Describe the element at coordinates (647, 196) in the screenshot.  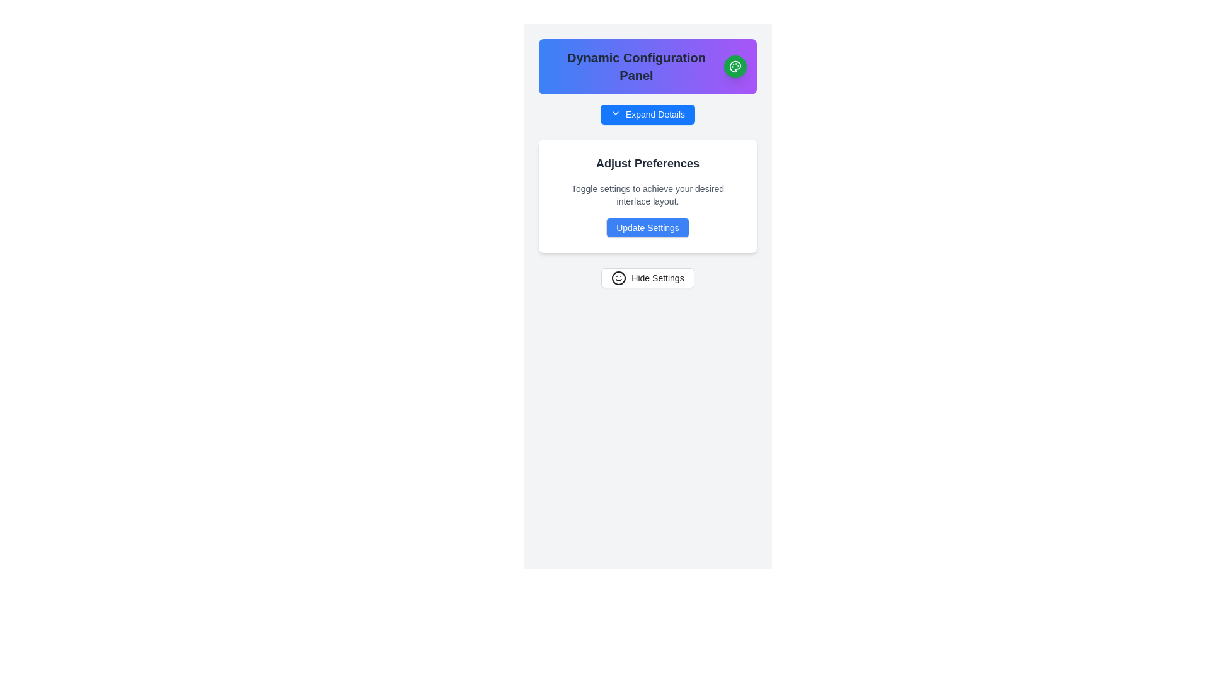
I see `title 'Adjust Preferences' and the description 'Toggle settings to achieve your desired interface layout.' from the A text card located in the 'Dynamic Configuration Panel'` at that location.